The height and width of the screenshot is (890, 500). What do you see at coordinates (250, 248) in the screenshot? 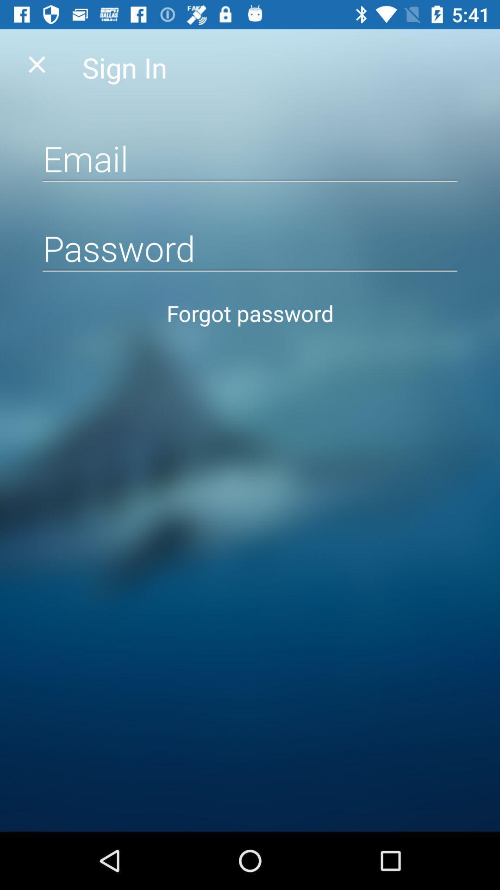
I see `password` at bounding box center [250, 248].